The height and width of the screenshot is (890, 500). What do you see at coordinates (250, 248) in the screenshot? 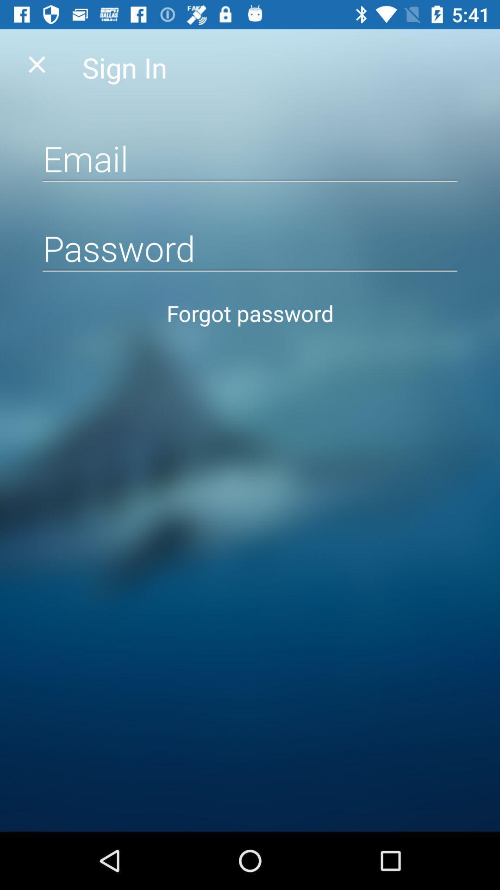
I see `password` at bounding box center [250, 248].